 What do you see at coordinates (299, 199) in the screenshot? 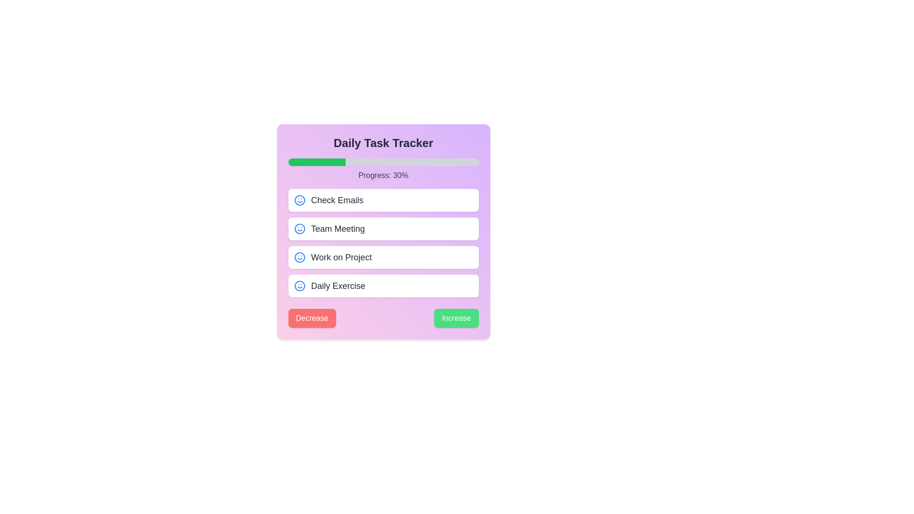
I see `the decorative icon located inside the first card labeled 'Check Emails', positioned at the left end next to the text within the card` at bounding box center [299, 199].